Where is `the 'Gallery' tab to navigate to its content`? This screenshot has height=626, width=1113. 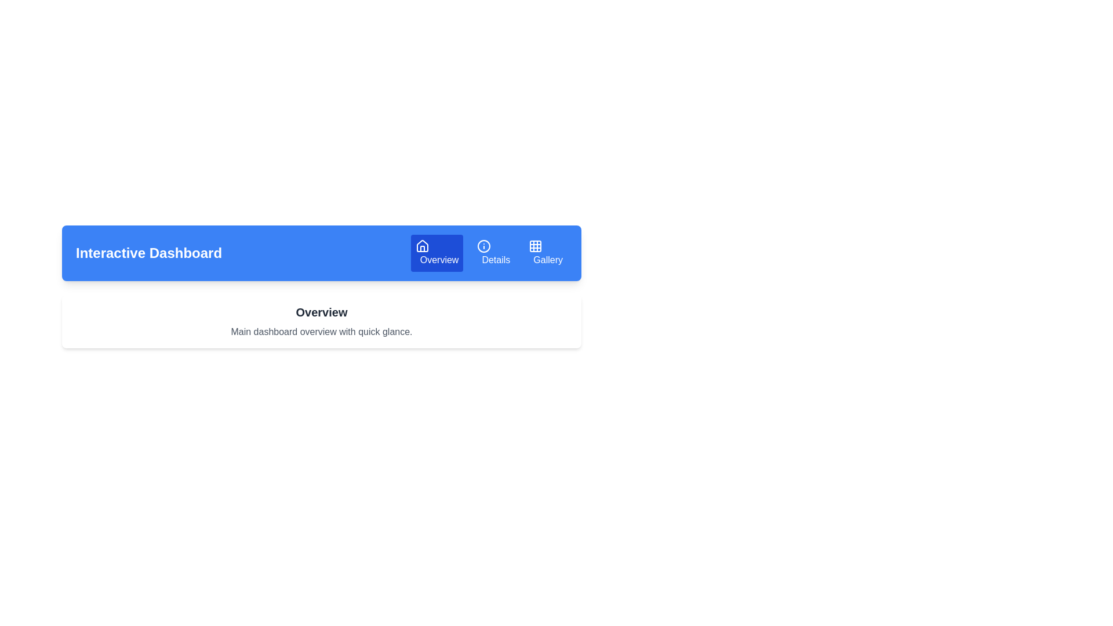 the 'Gallery' tab to navigate to its content is located at coordinates (545, 252).